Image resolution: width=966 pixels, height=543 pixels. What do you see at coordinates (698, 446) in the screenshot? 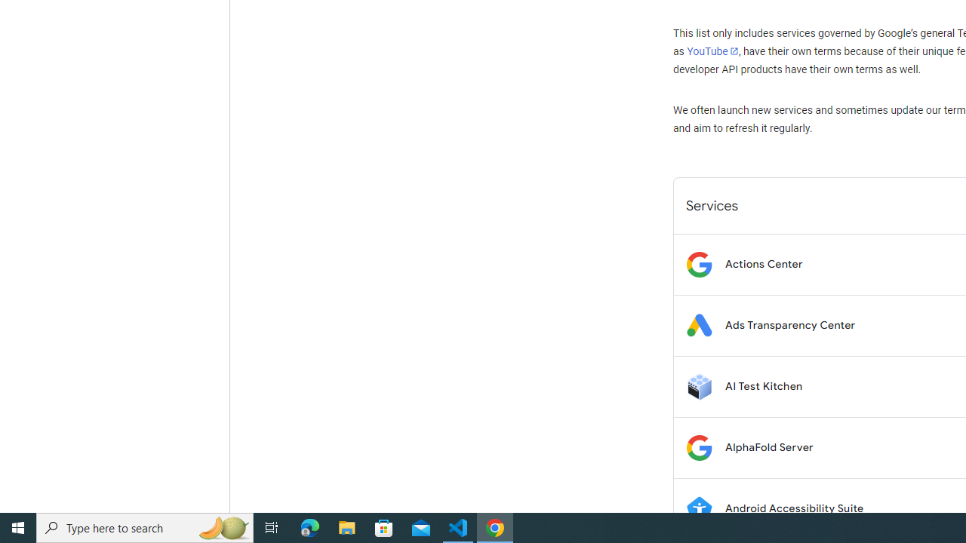
I see `'Logo for AlphaFold Server'` at bounding box center [698, 446].